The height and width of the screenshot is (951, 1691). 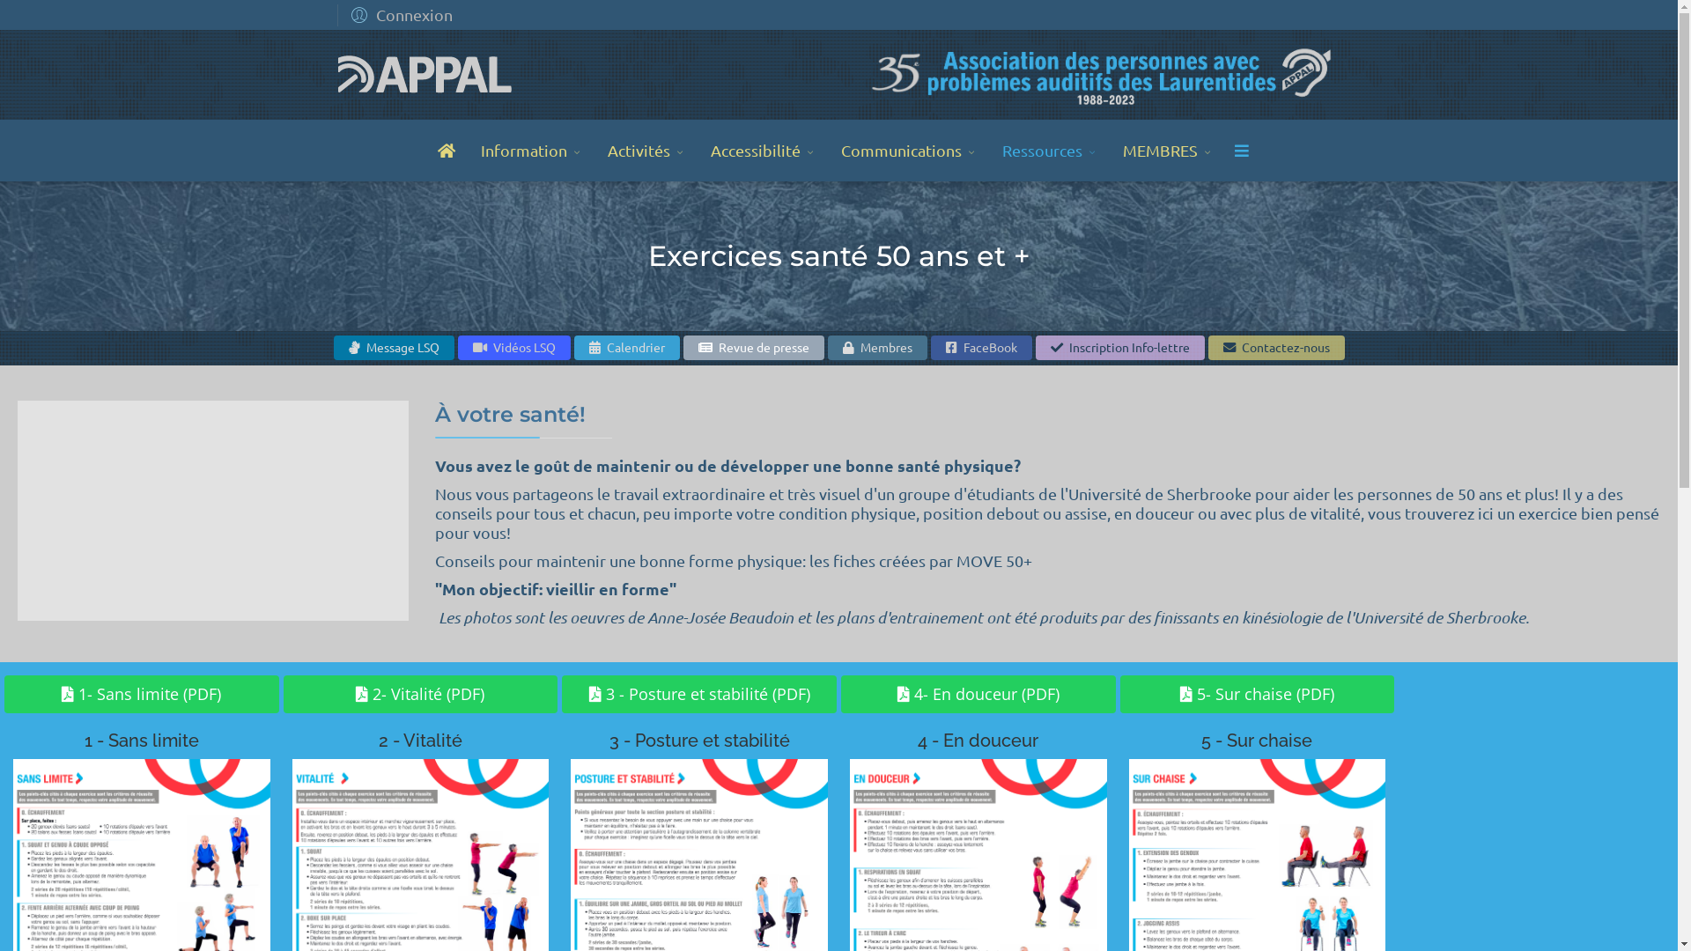 I want to click on 'Inscription Info-lettre', so click(x=1036, y=347).